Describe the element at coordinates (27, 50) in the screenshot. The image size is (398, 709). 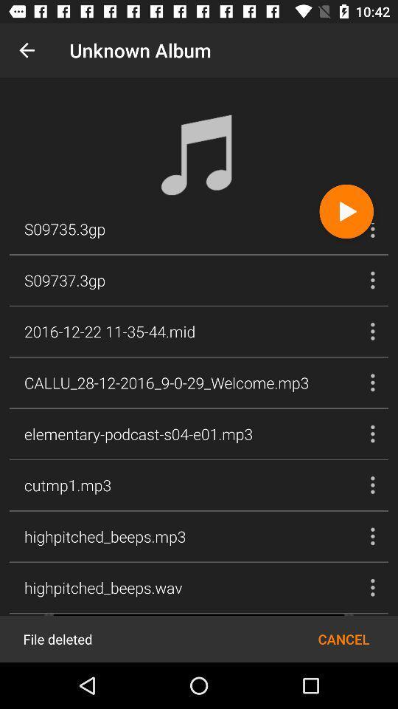
I see `the icon to the left of the unknown album app` at that location.